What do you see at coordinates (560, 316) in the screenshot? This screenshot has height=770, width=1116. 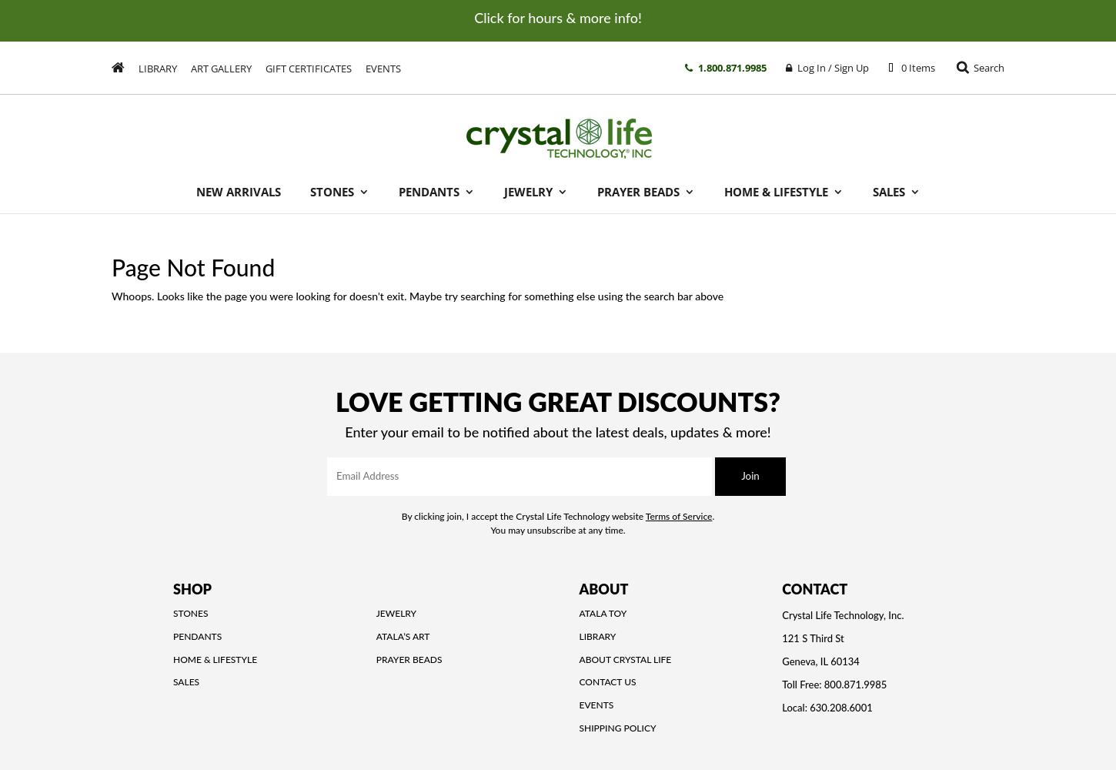 I see `'Chakra Jewelry'` at bounding box center [560, 316].